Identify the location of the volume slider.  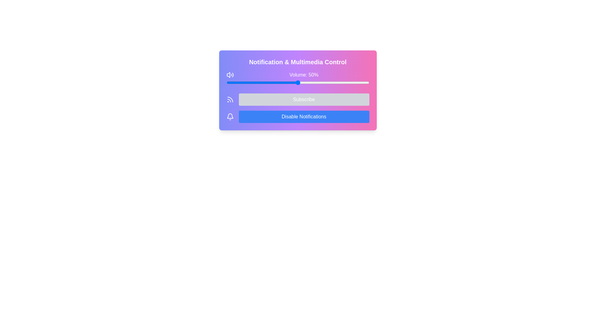
(295, 82).